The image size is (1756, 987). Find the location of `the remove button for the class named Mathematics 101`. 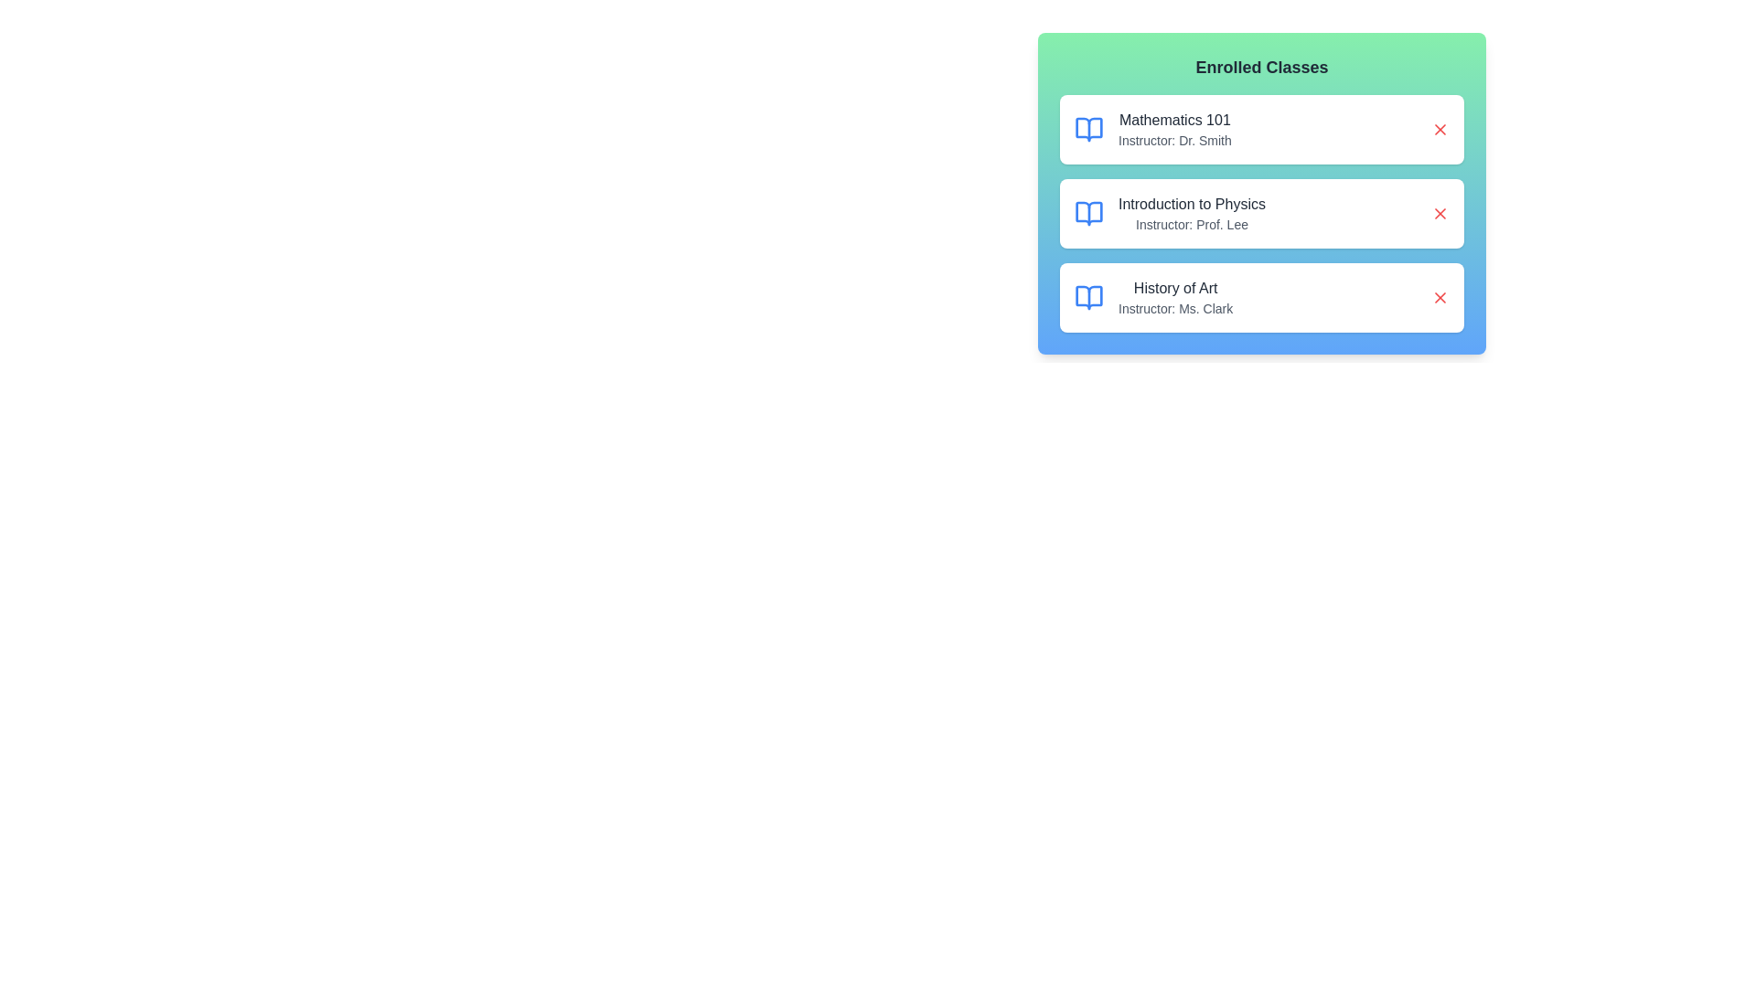

the remove button for the class named Mathematics 101 is located at coordinates (1439, 129).